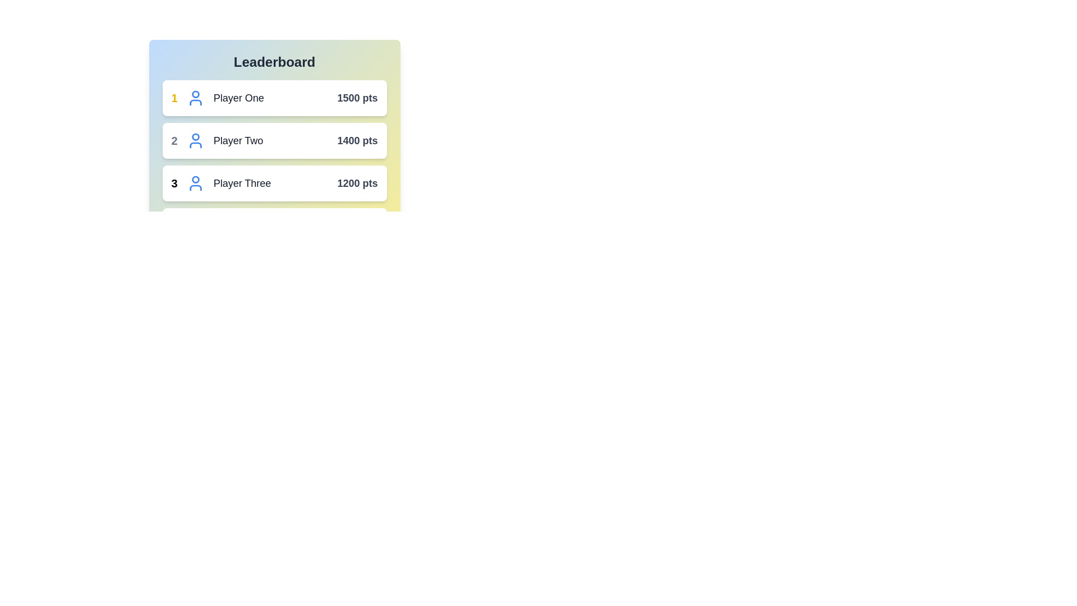 Image resolution: width=1077 pixels, height=606 pixels. I want to click on the leaderboard entry for Player One to open the context menu, so click(274, 97).